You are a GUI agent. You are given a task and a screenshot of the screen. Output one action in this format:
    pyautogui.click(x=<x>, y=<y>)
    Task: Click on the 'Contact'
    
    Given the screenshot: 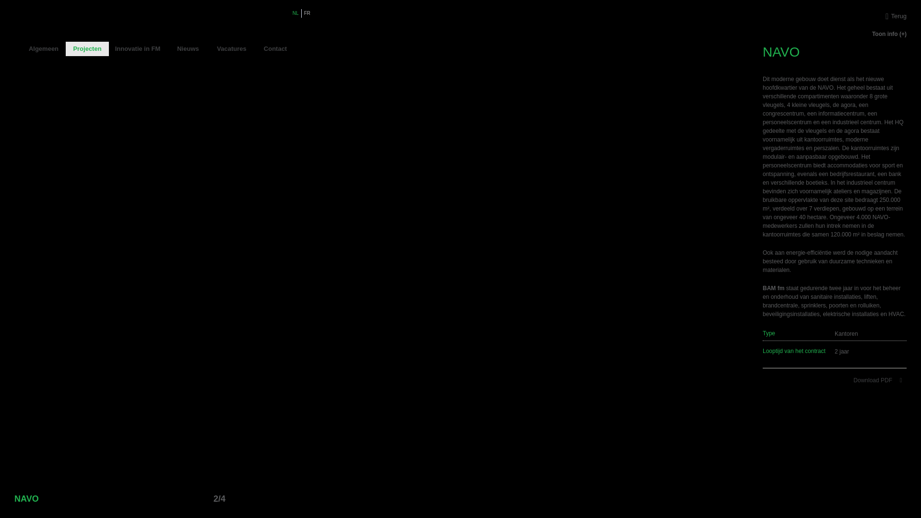 What is the action you would take?
    pyautogui.click(x=253, y=48)
    